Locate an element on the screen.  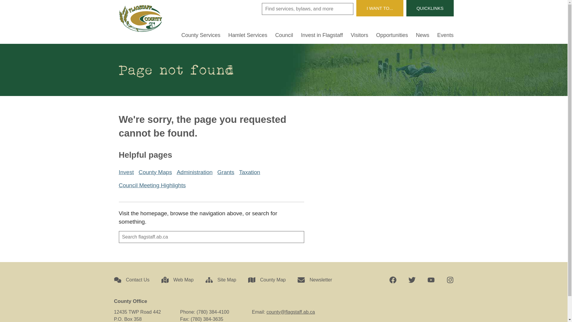
'YouTube' is located at coordinates (430, 280).